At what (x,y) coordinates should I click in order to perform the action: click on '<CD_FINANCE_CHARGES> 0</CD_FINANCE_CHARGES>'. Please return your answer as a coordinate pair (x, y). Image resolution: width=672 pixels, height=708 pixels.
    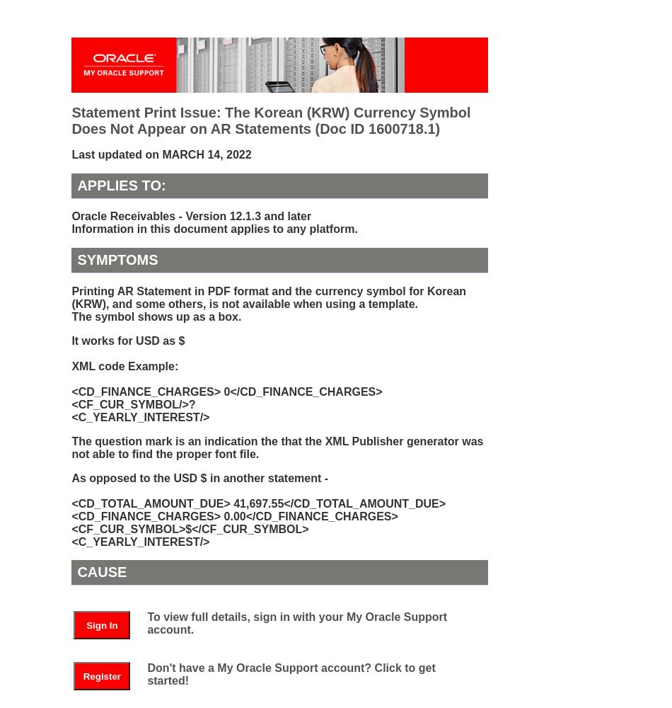
    Looking at the image, I should click on (226, 391).